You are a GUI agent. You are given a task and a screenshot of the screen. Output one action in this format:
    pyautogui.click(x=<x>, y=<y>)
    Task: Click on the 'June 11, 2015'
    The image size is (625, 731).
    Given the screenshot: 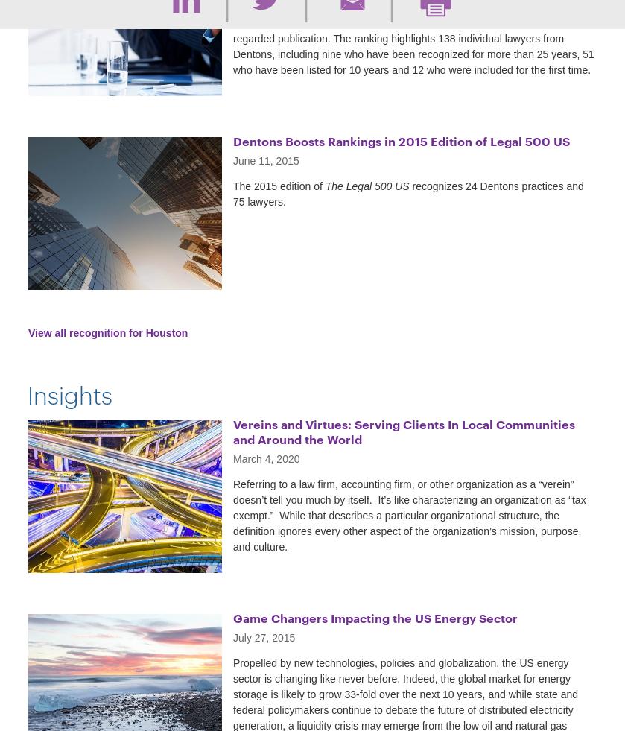 What is the action you would take?
    pyautogui.click(x=265, y=159)
    